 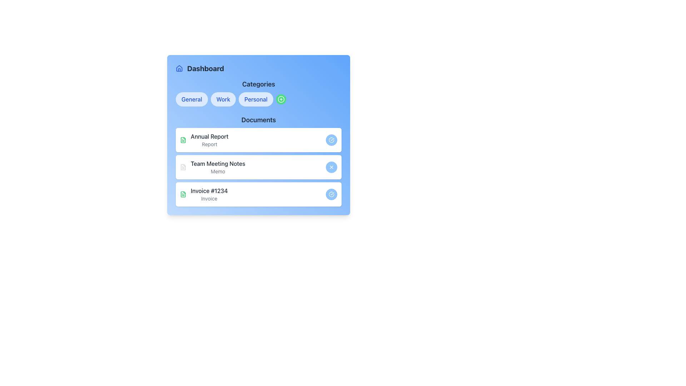 What do you see at coordinates (258, 84) in the screenshot?
I see `the header text element located at the top-center of the interface, which defines the category section above the buttons labeled 'General,' 'Work,' and 'Personal.'` at bounding box center [258, 84].